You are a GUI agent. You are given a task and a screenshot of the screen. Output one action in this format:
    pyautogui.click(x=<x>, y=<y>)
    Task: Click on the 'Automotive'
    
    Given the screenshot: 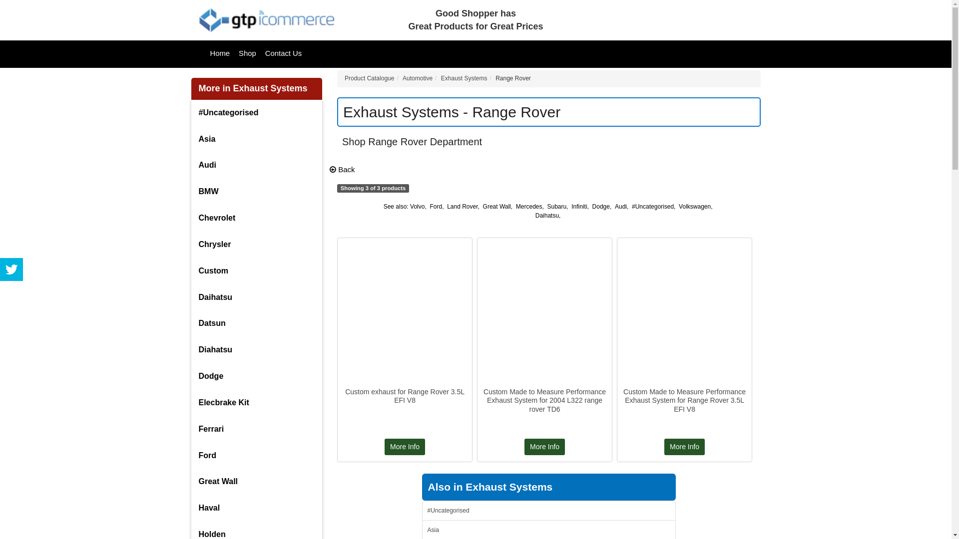 What is the action you would take?
    pyautogui.click(x=417, y=78)
    